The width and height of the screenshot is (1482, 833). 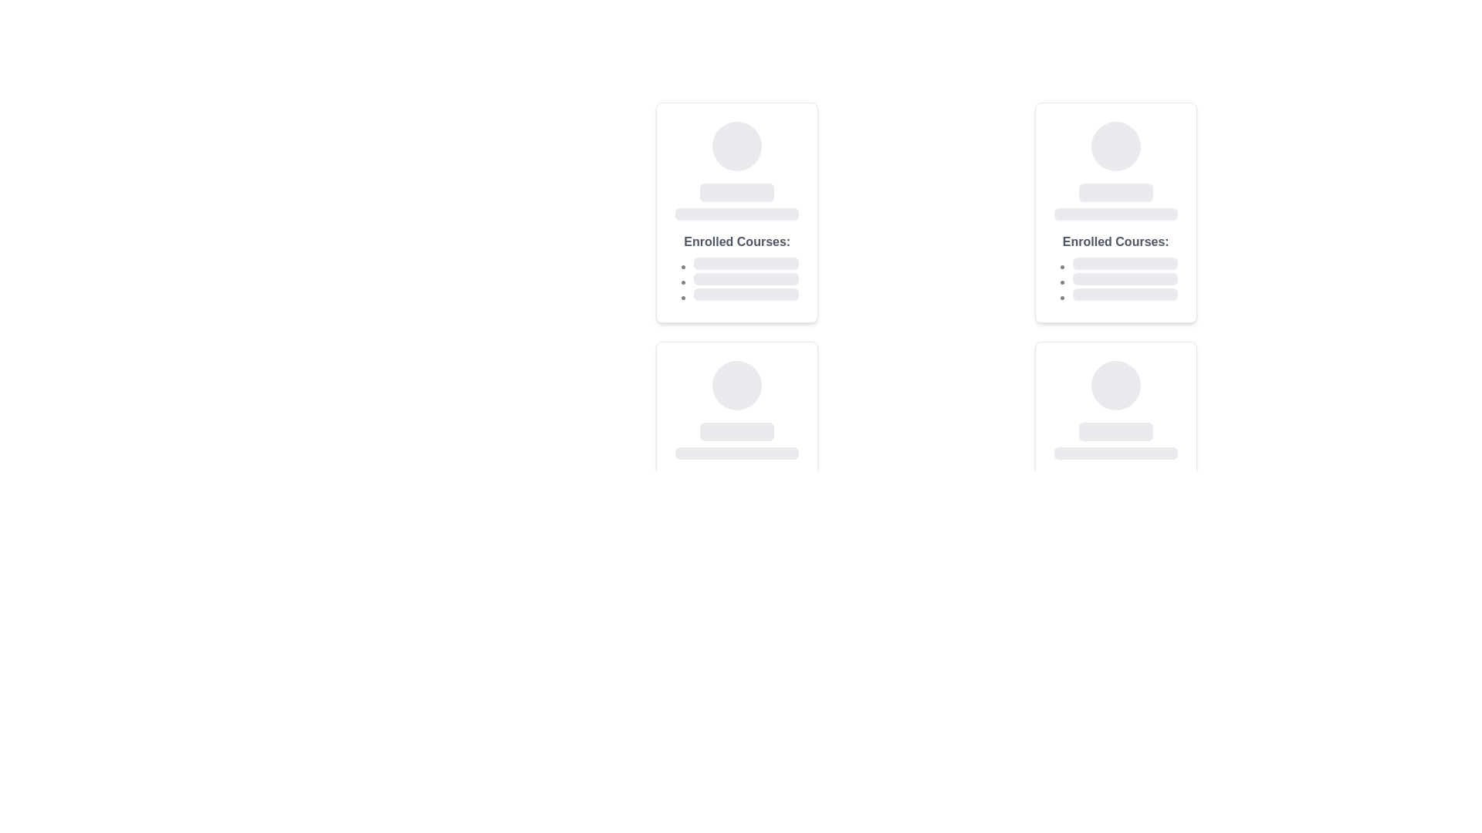 What do you see at coordinates (736, 192) in the screenshot?
I see `the light gray rectangular placeholder with rounded corners that serves as a UI loader, located in the central column of a three-column grid` at bounding box center [736, 192].